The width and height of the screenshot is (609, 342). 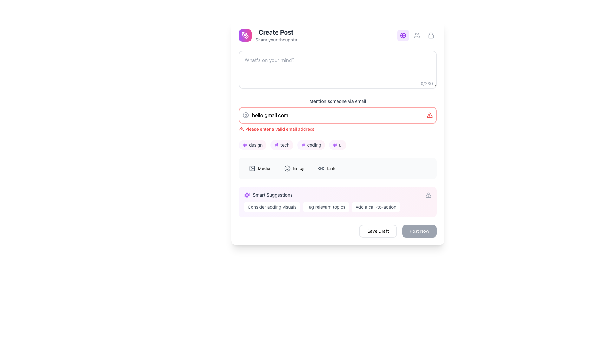 What do you see at coordinates (281, 145) in the screenshot?
I see `the pill-shaped button labeled 'tech' which has a purple hash icon on the left and a gradient background transitioning from purple to pink` at bounding box center [281, 145].